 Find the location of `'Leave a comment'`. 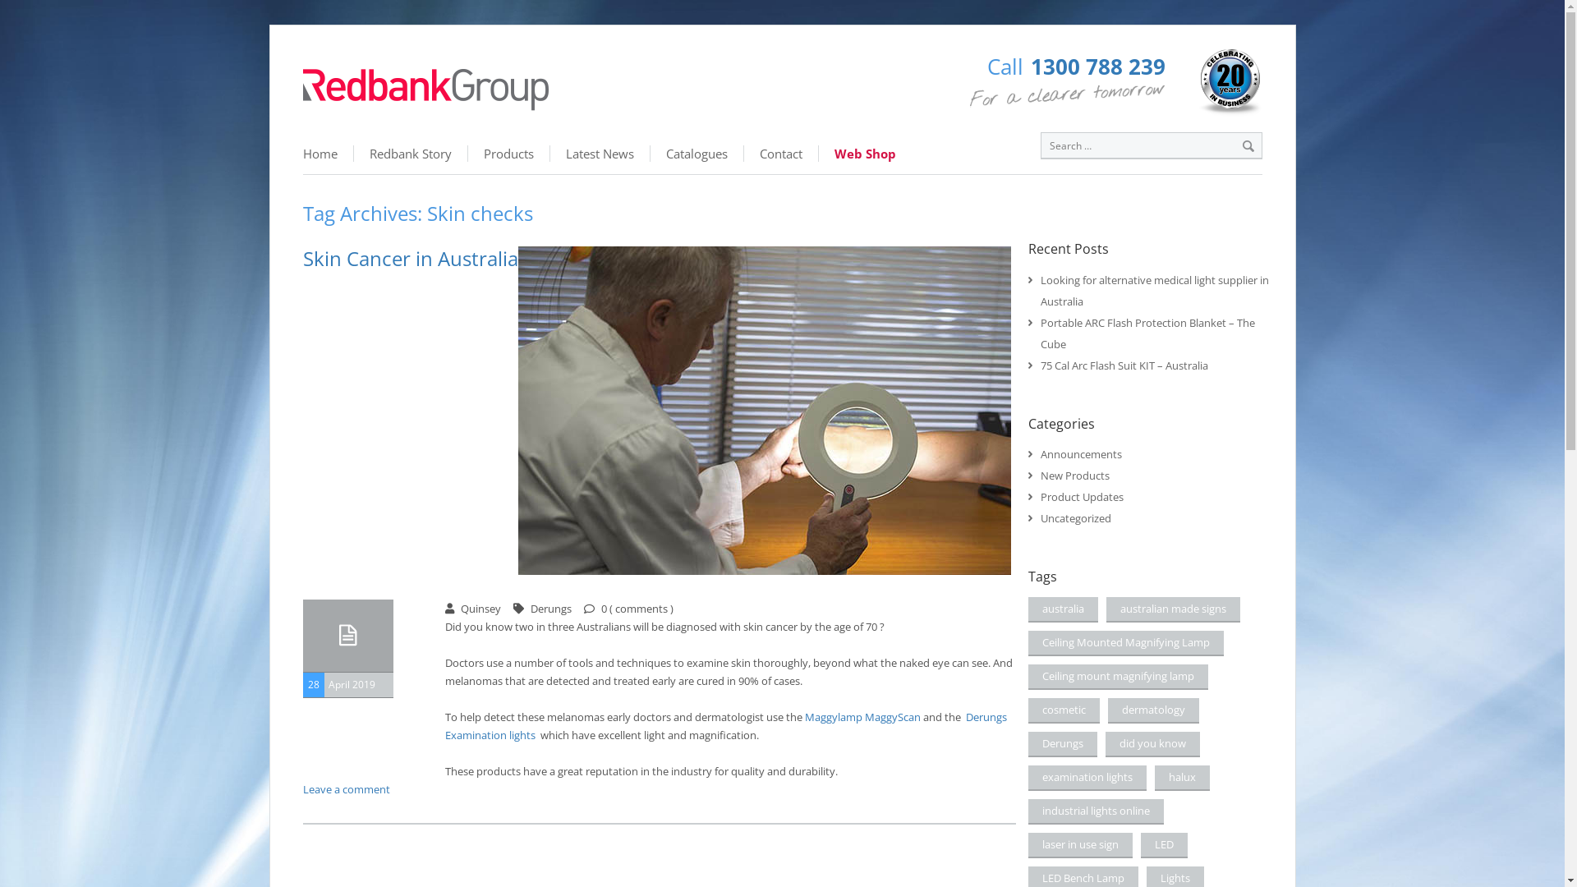

'Leave a comment' is located at coordinates (345, 788).